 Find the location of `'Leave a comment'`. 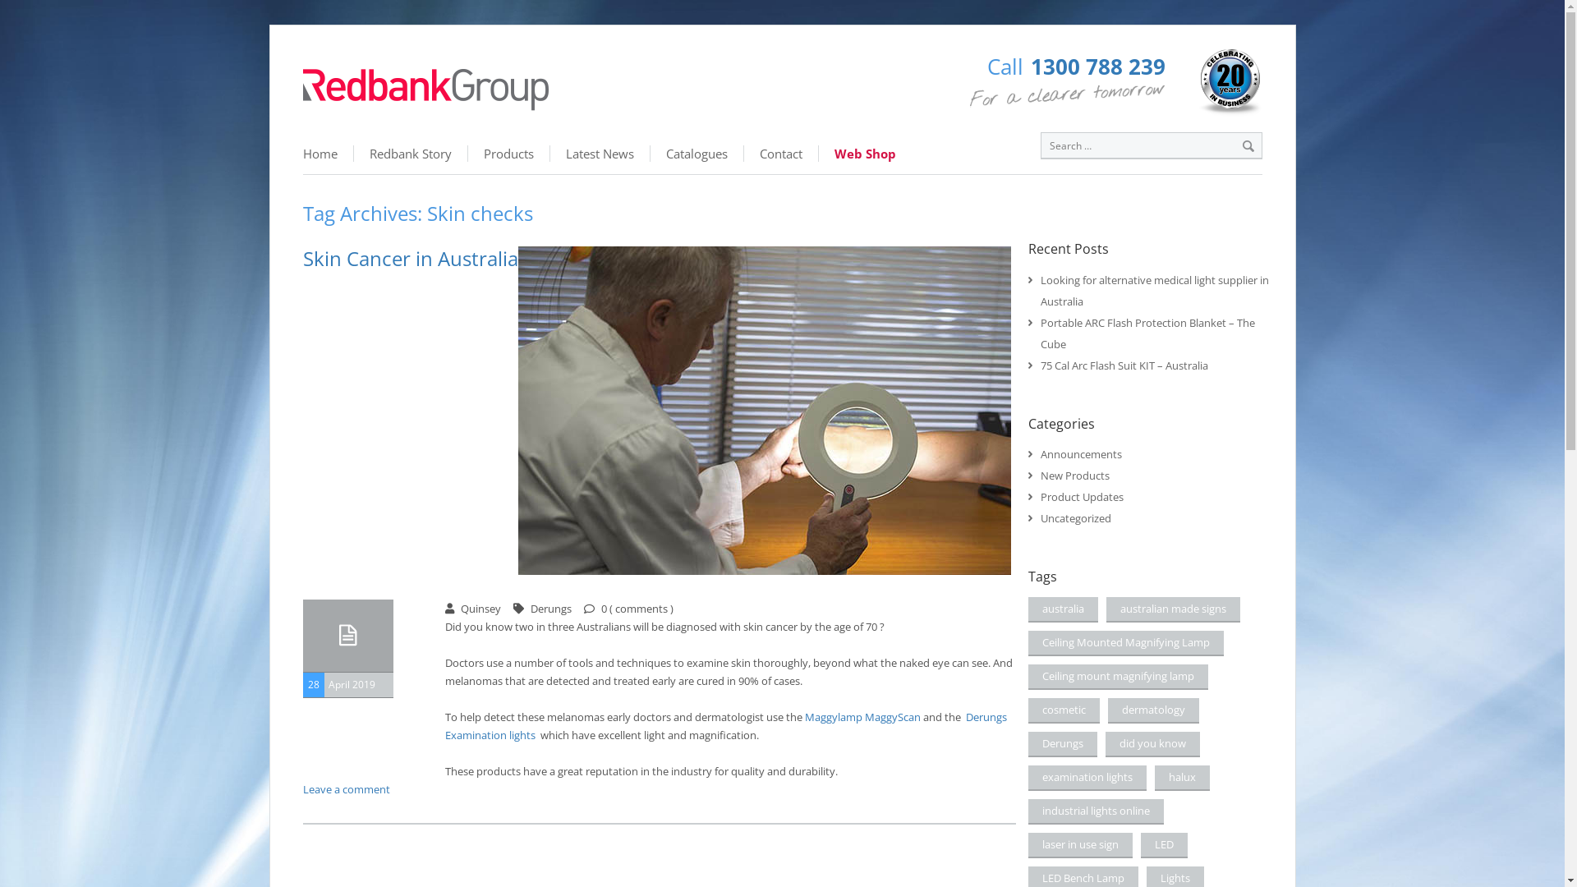

'Leave a comment' is located at coordinates (345, 788).